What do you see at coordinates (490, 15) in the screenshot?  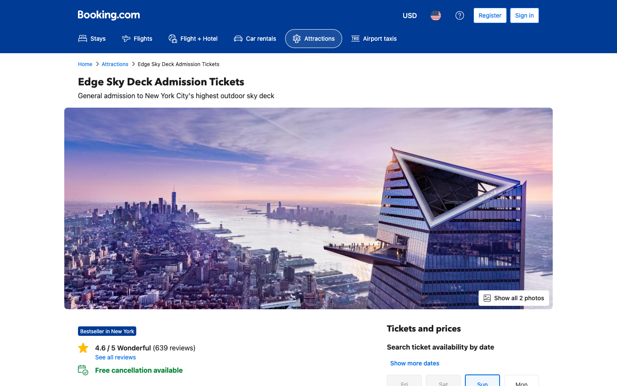 I see `Register for a new account` at bounding box center [490, 15].